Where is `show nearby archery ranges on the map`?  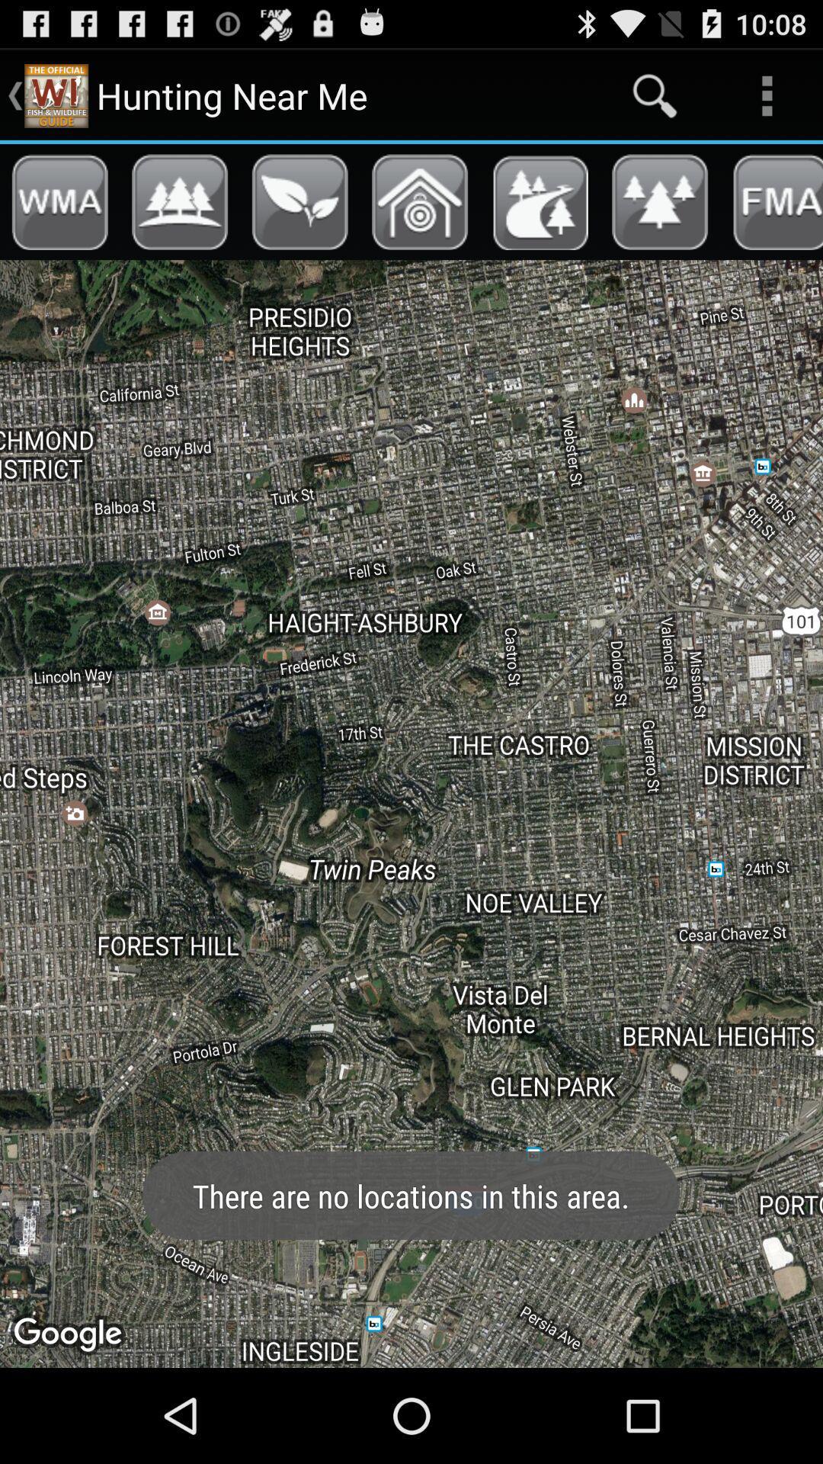
show nearby archery ranges on the map is located at coordinates (420, 201).